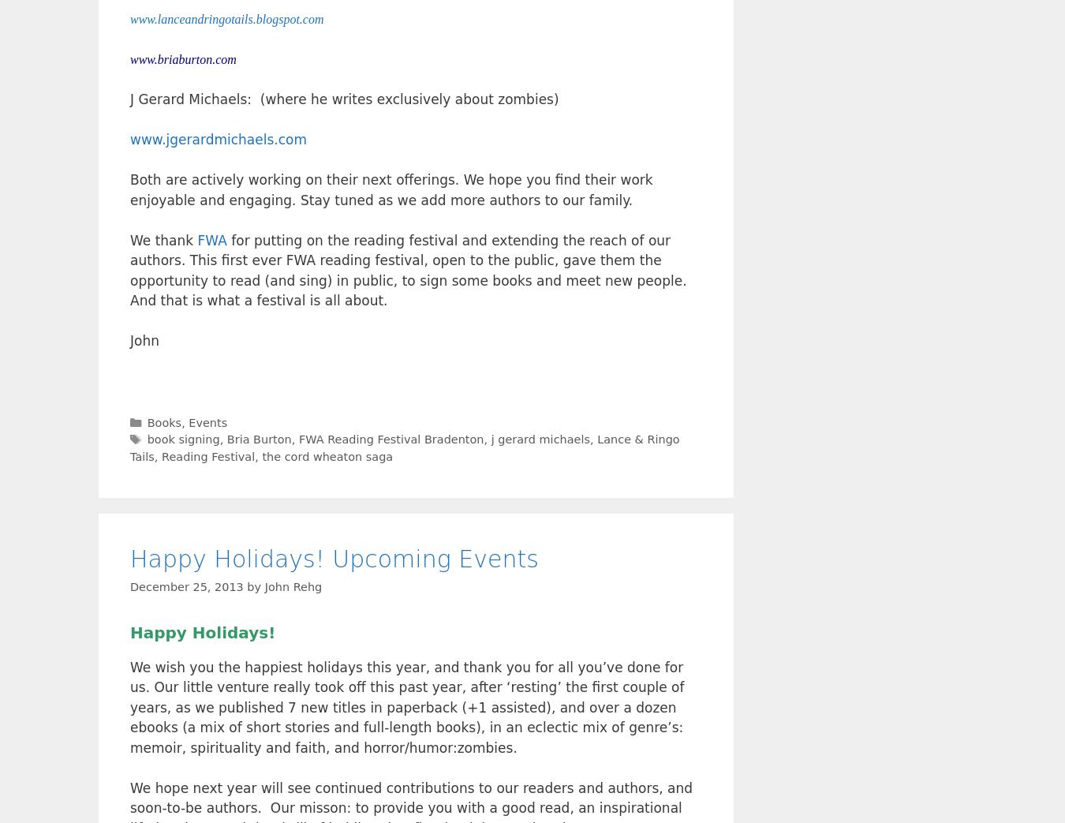  I want to click on 'FWA', so click(211, 239).